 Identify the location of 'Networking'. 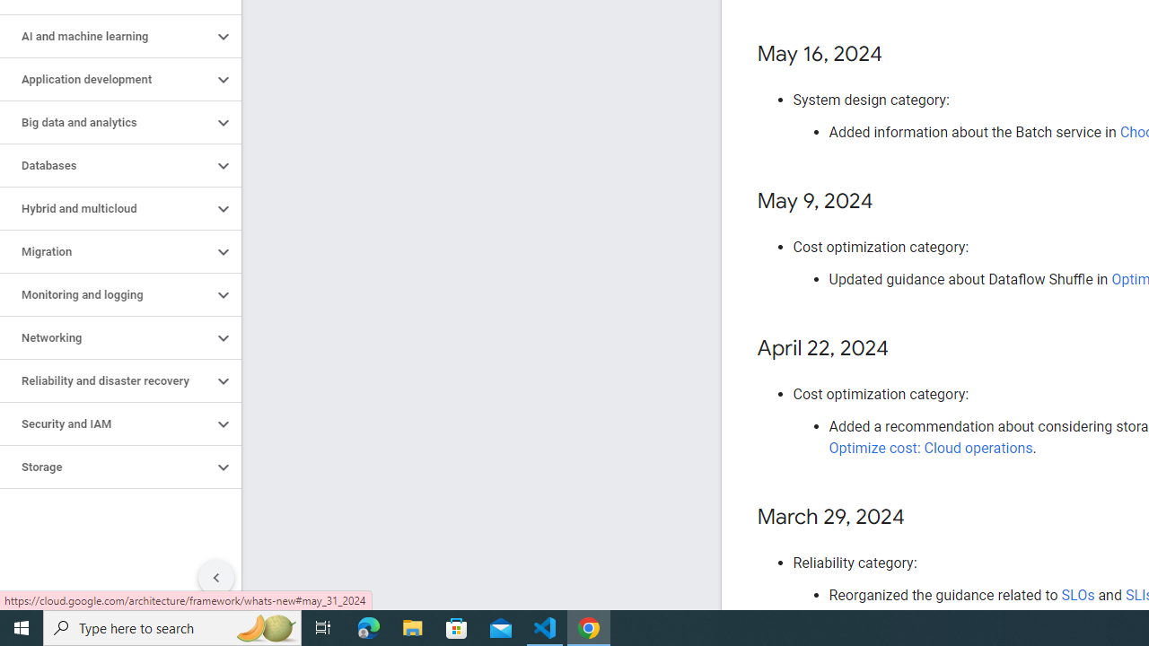
(105, 337).